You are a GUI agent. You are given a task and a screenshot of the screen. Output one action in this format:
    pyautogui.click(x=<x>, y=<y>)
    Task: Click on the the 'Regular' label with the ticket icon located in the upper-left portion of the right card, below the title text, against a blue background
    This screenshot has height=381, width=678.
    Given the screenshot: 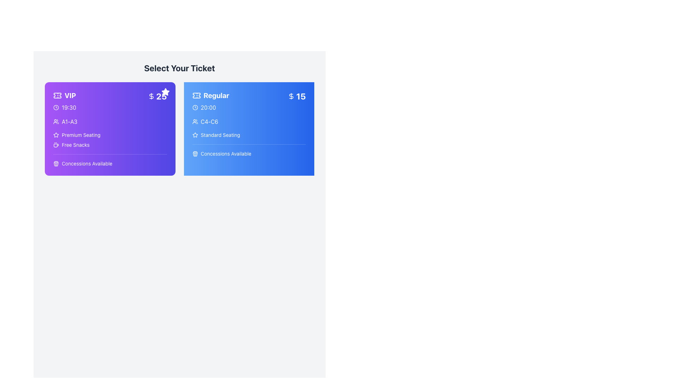 What is the action you would take?
    pyautogui.click(x=210, y=95)
    